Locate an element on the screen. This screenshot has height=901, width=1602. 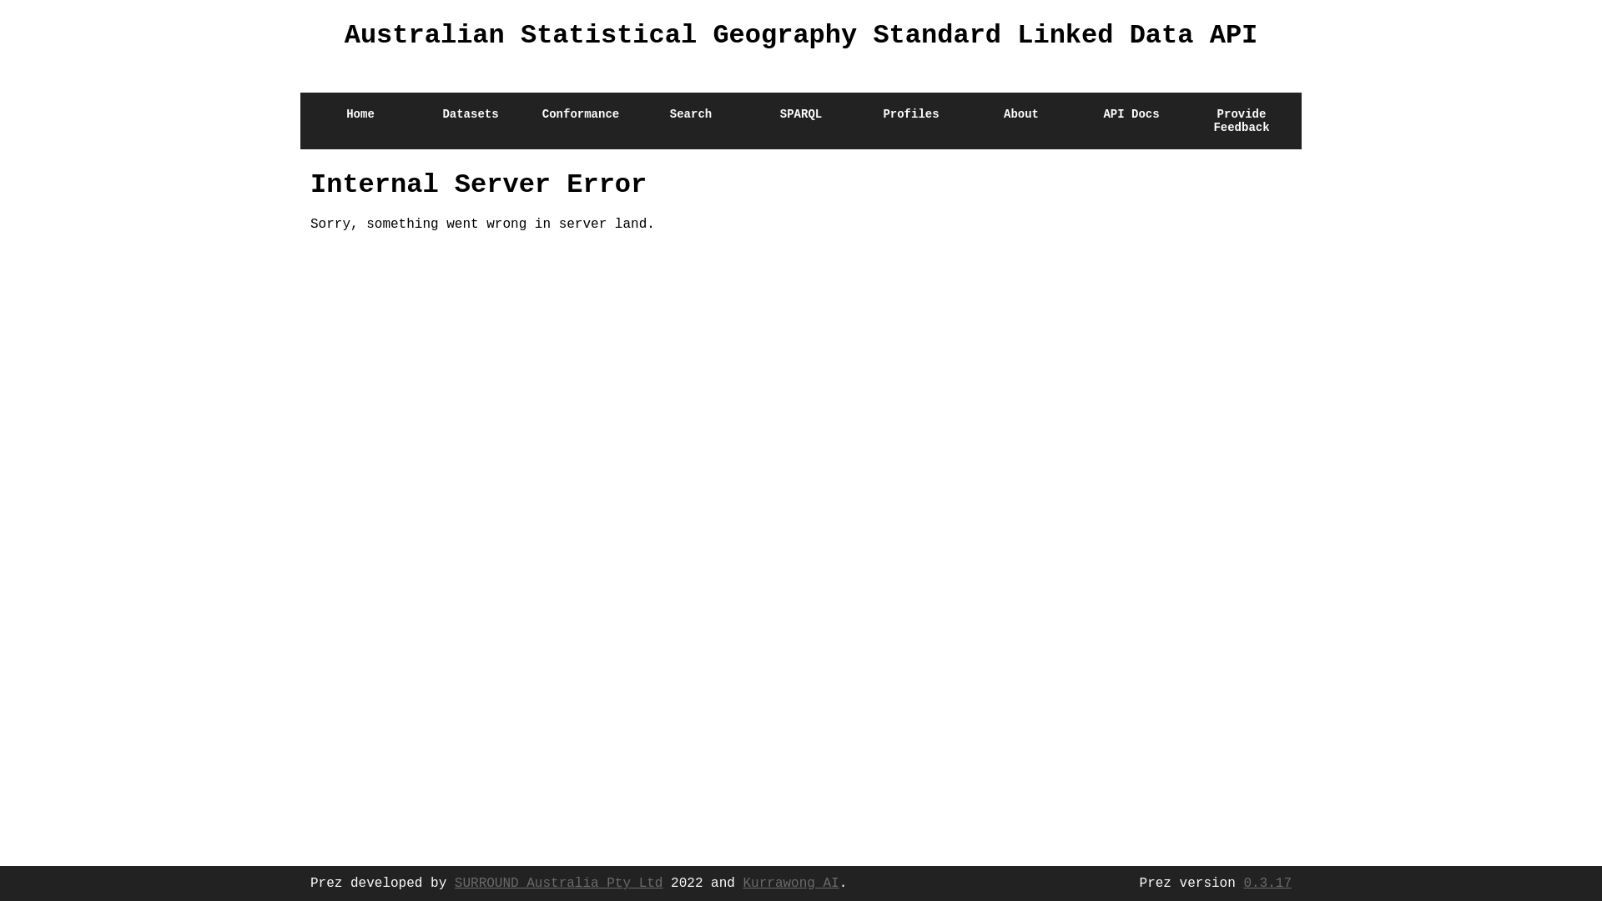
'Home' is located at coordinates (317, 81).